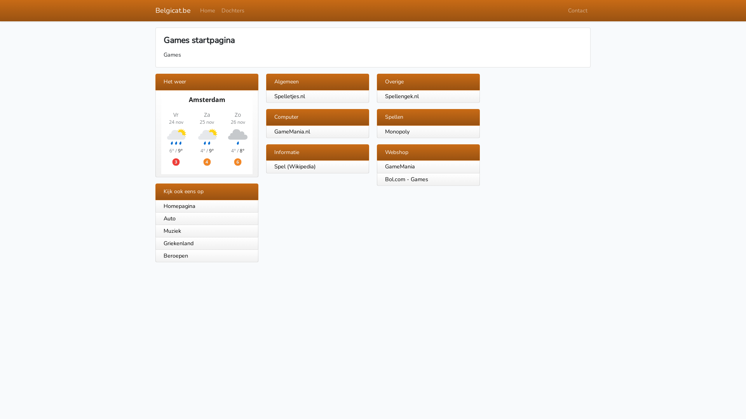 This screenshot has height=419, width=746. What do you see at coordinates (402, 95) in the screenshot?
I see `'Spellengek.nl'` at bounding box center [402, 95].